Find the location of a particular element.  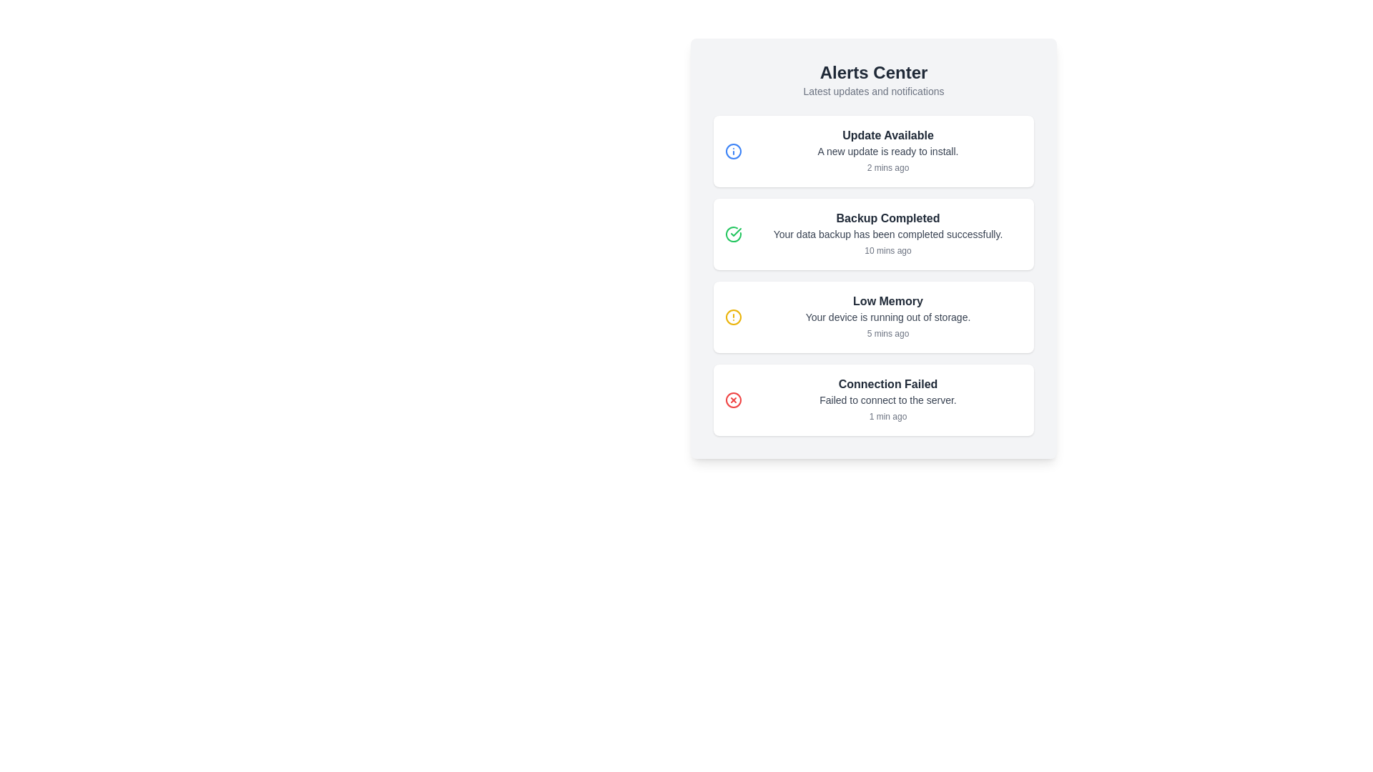

the static text element that reads 'Your data backup has been completed successfully.' located beneath the 'Backup Completed' heading is located at coordinates (887, 233).